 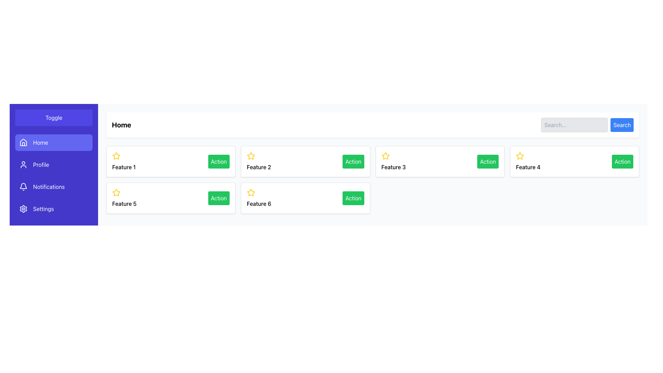 What do you see at coordinates (116, 193) in the screenshot?
I see `the star icon in the second row of the grid associated with 'Feature 5'` at bounding box center [116, 193].